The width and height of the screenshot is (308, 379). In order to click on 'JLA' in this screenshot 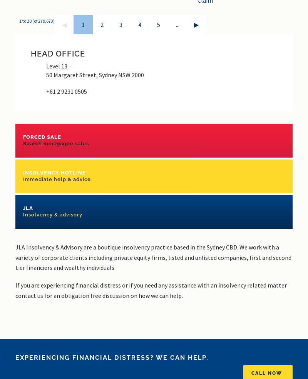, I will do `click(30, 208)`.